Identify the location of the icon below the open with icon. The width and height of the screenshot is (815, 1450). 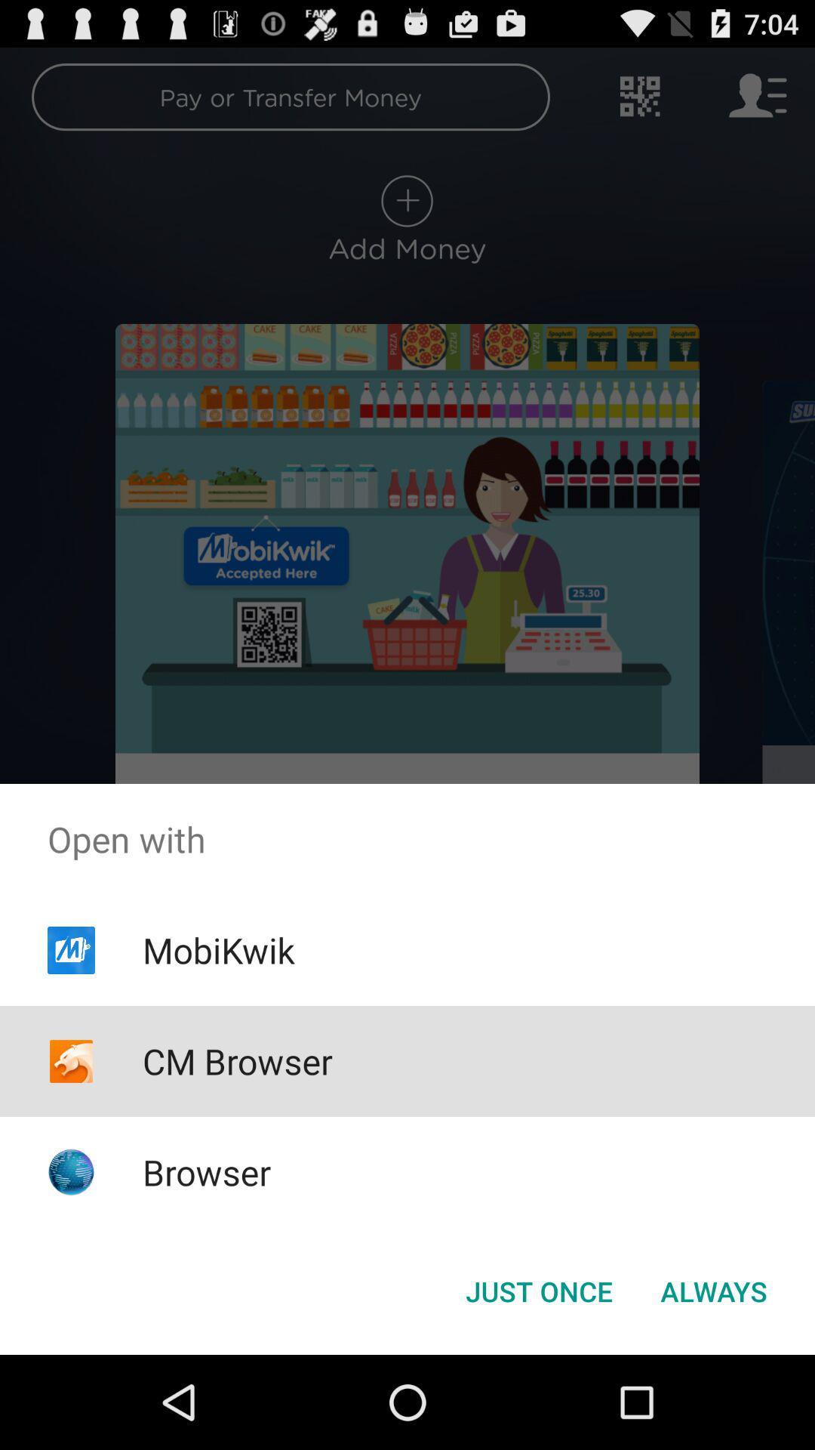
(538, 1290).